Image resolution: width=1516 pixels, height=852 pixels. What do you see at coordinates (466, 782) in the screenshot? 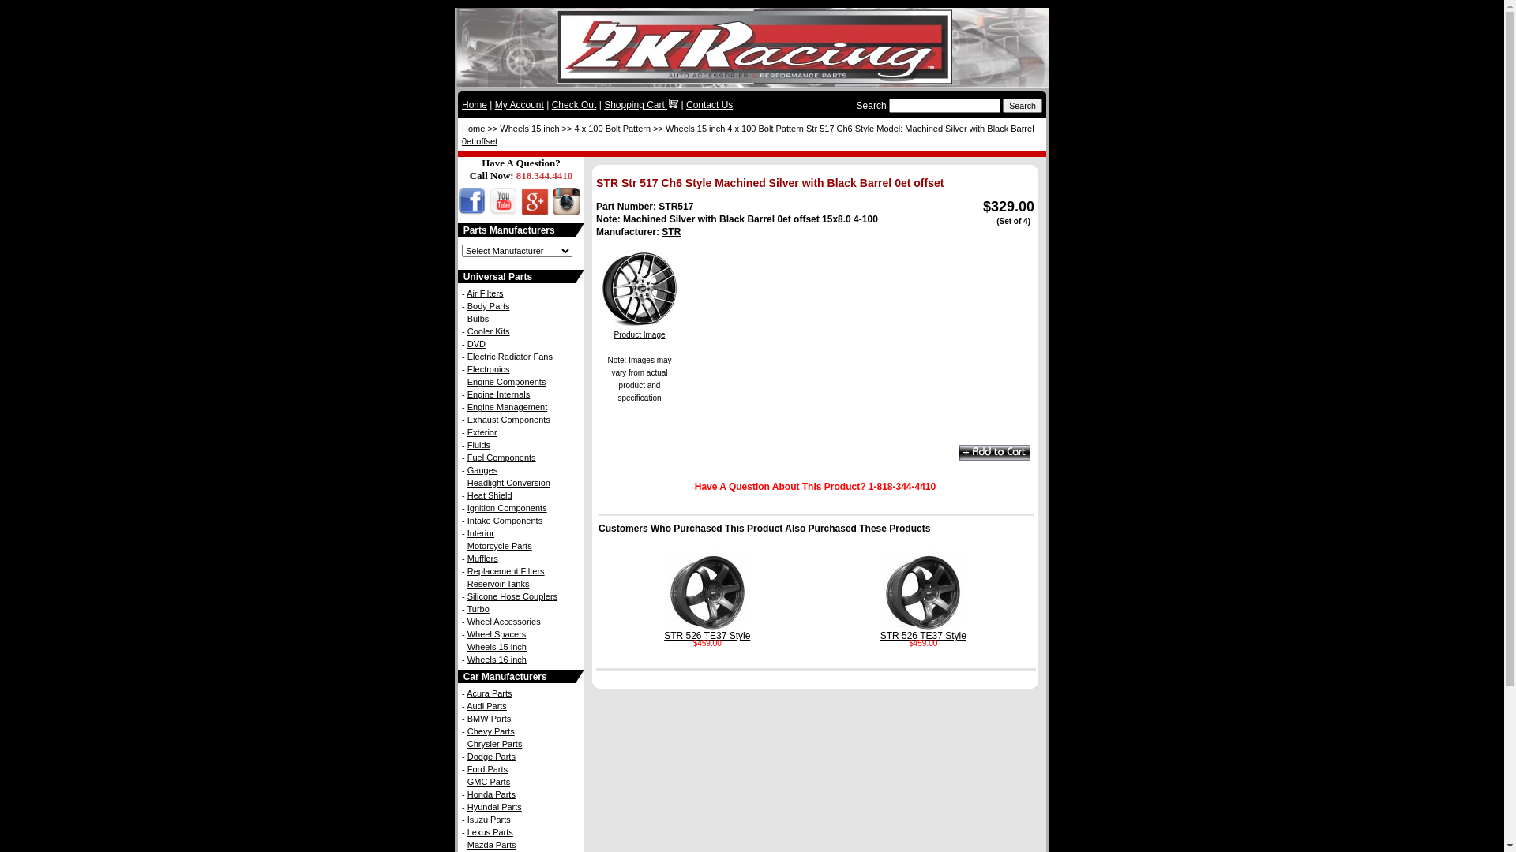
I see `'GMC Parts'` at bounding box center [466, 782].